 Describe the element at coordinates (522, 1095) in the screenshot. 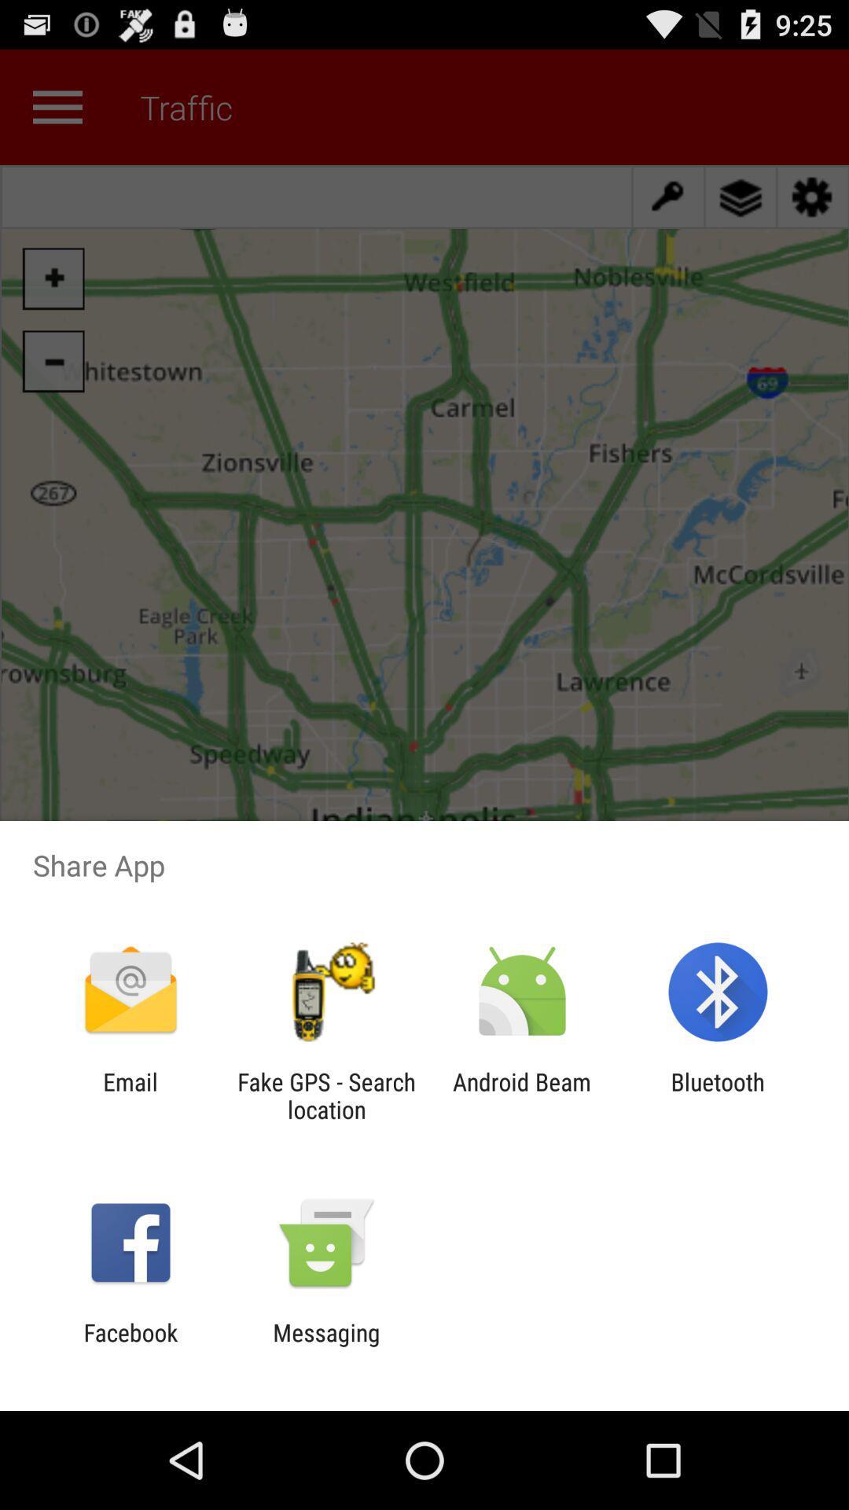

I see `the item next to bluetooth app` at that location.